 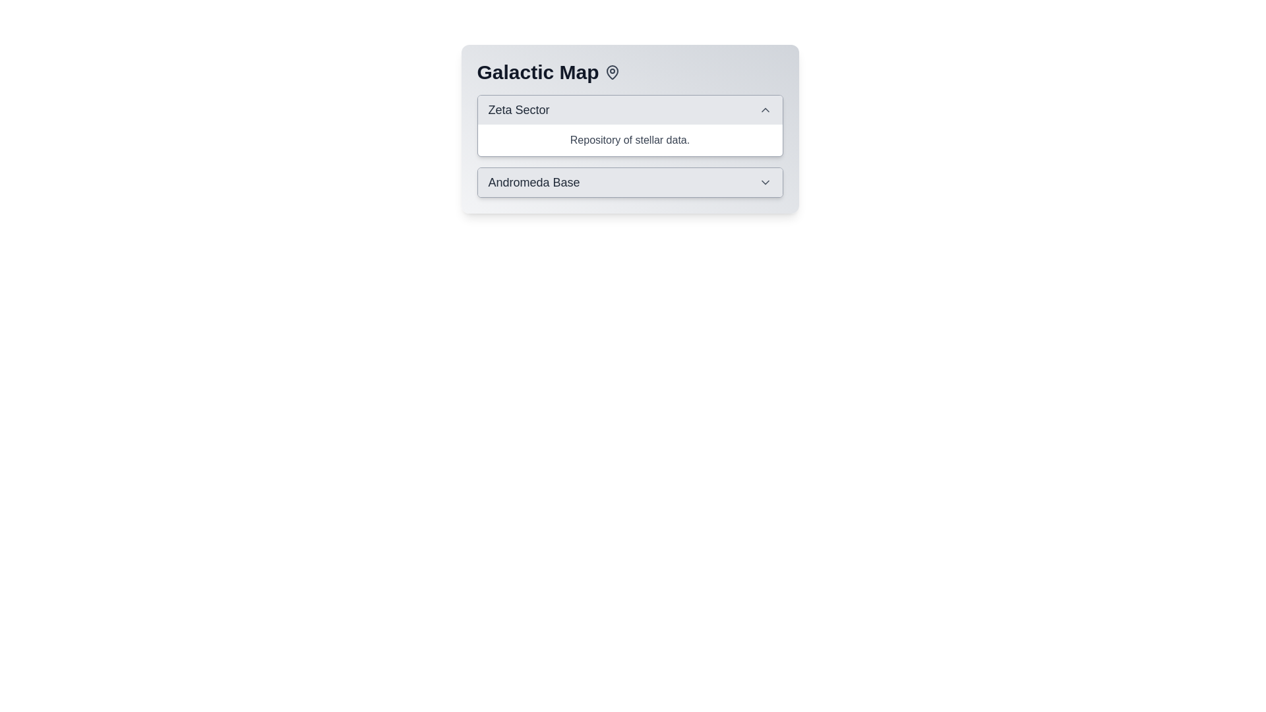 I want to click on the static text element that provides information about the 'Zeta Sector' section within the 'Galactic Map' interface, so click(x=629, y=140).